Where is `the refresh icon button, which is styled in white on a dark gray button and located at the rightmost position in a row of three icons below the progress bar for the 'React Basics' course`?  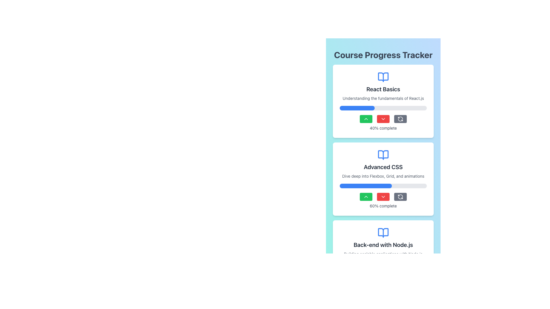
the refresh icon button, which is styled in white on a dark gray button and located at the rightmost position in a row of three icons below the progress bar for the 'React Basics' course is located at coordinates (400, 196).